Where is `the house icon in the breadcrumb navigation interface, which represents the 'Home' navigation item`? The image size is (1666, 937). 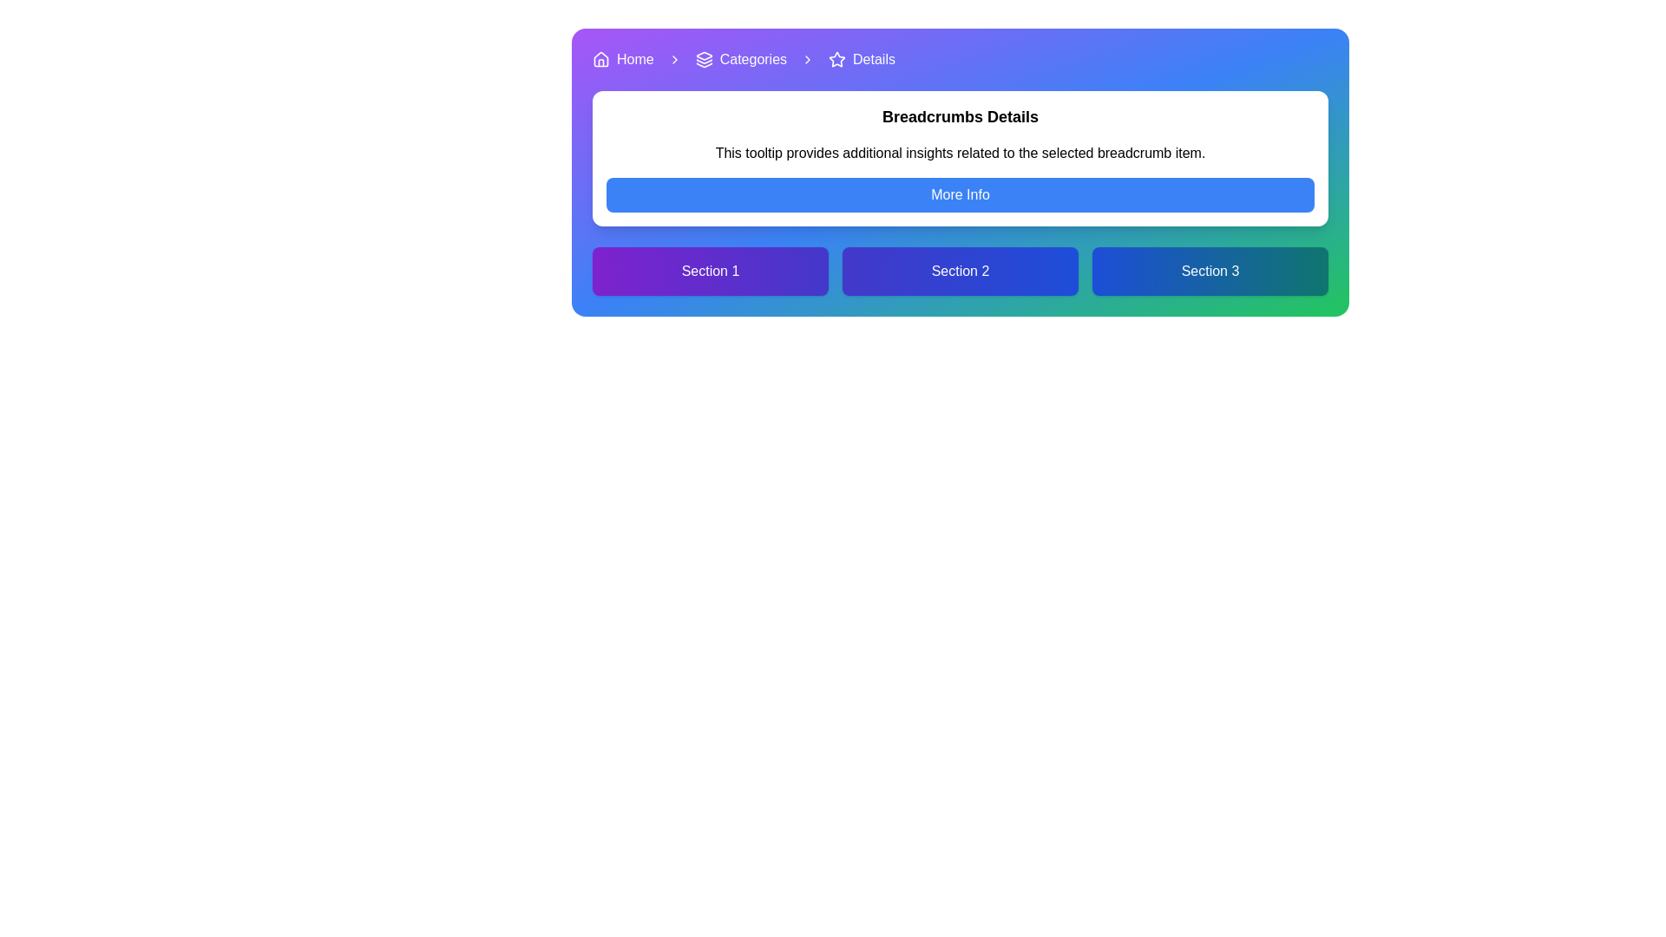 the house icon in the breadcrumb navigation interface, which represents the 'Home' navigation item is located at coordinates (600, 58).